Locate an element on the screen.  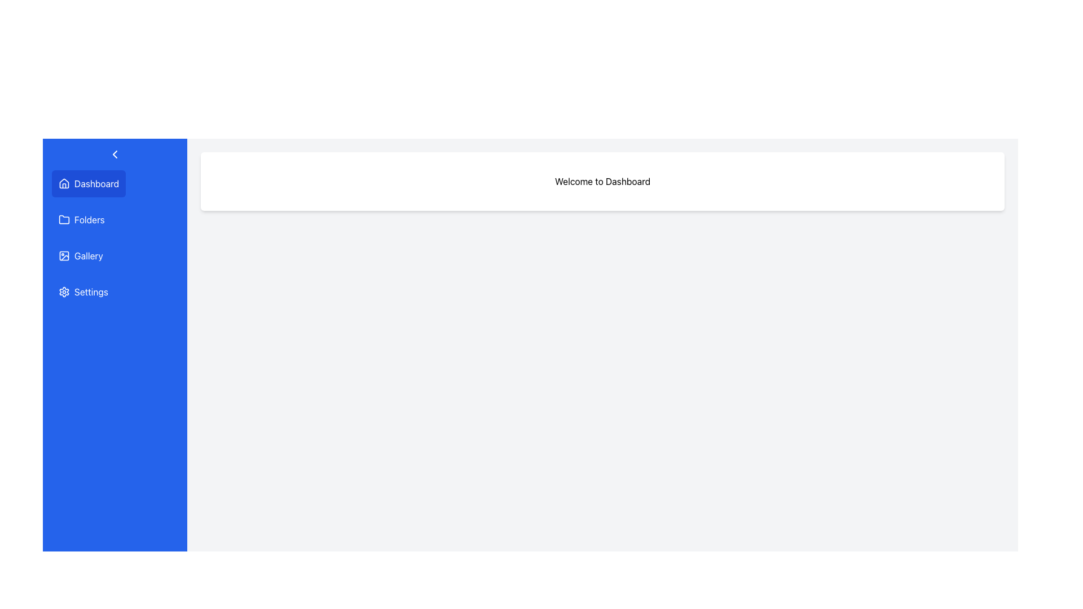
the 'Settings' button, which has a gear icon on a blue background, located below the 'Gallery' element is located at coordinates (83, 291).